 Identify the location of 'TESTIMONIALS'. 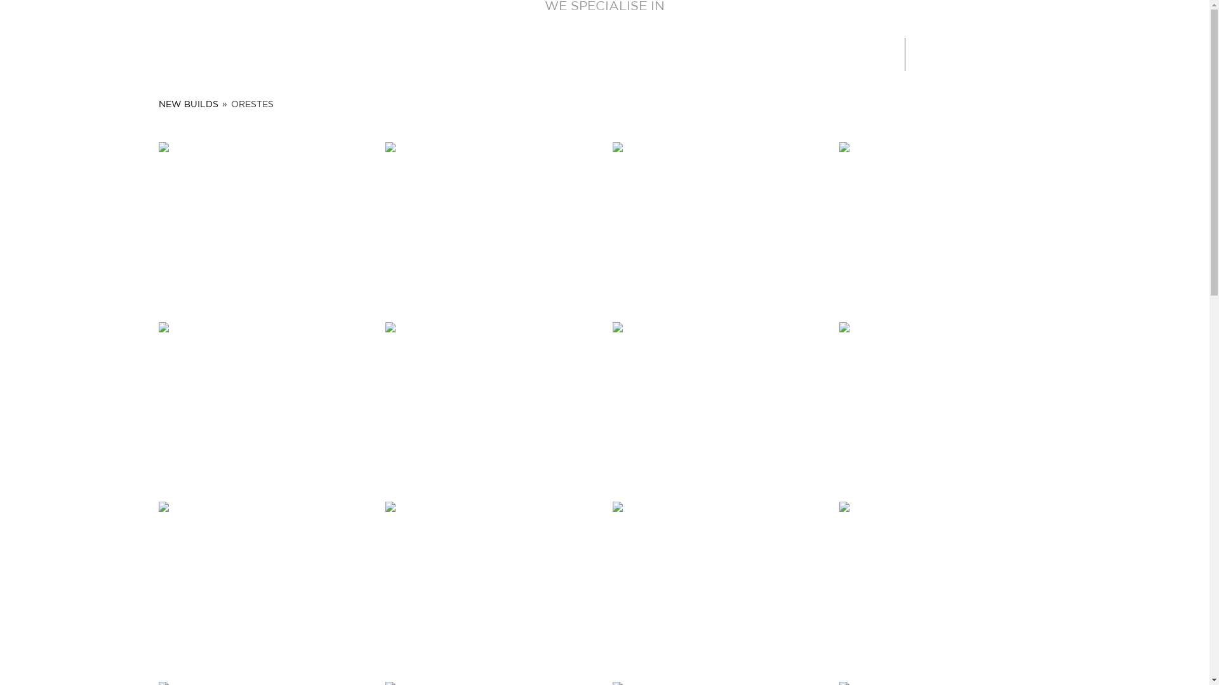
(618, 52).